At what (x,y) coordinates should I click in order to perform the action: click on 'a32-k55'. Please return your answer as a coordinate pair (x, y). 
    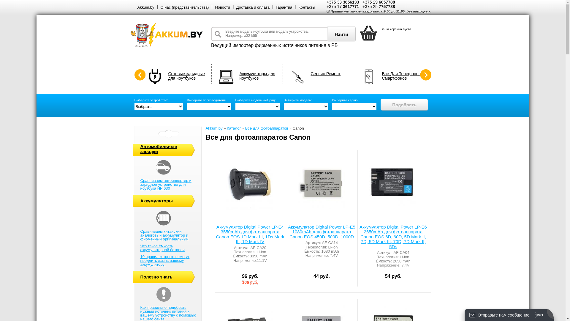
    Looking at the image, I should click on (250, 36).